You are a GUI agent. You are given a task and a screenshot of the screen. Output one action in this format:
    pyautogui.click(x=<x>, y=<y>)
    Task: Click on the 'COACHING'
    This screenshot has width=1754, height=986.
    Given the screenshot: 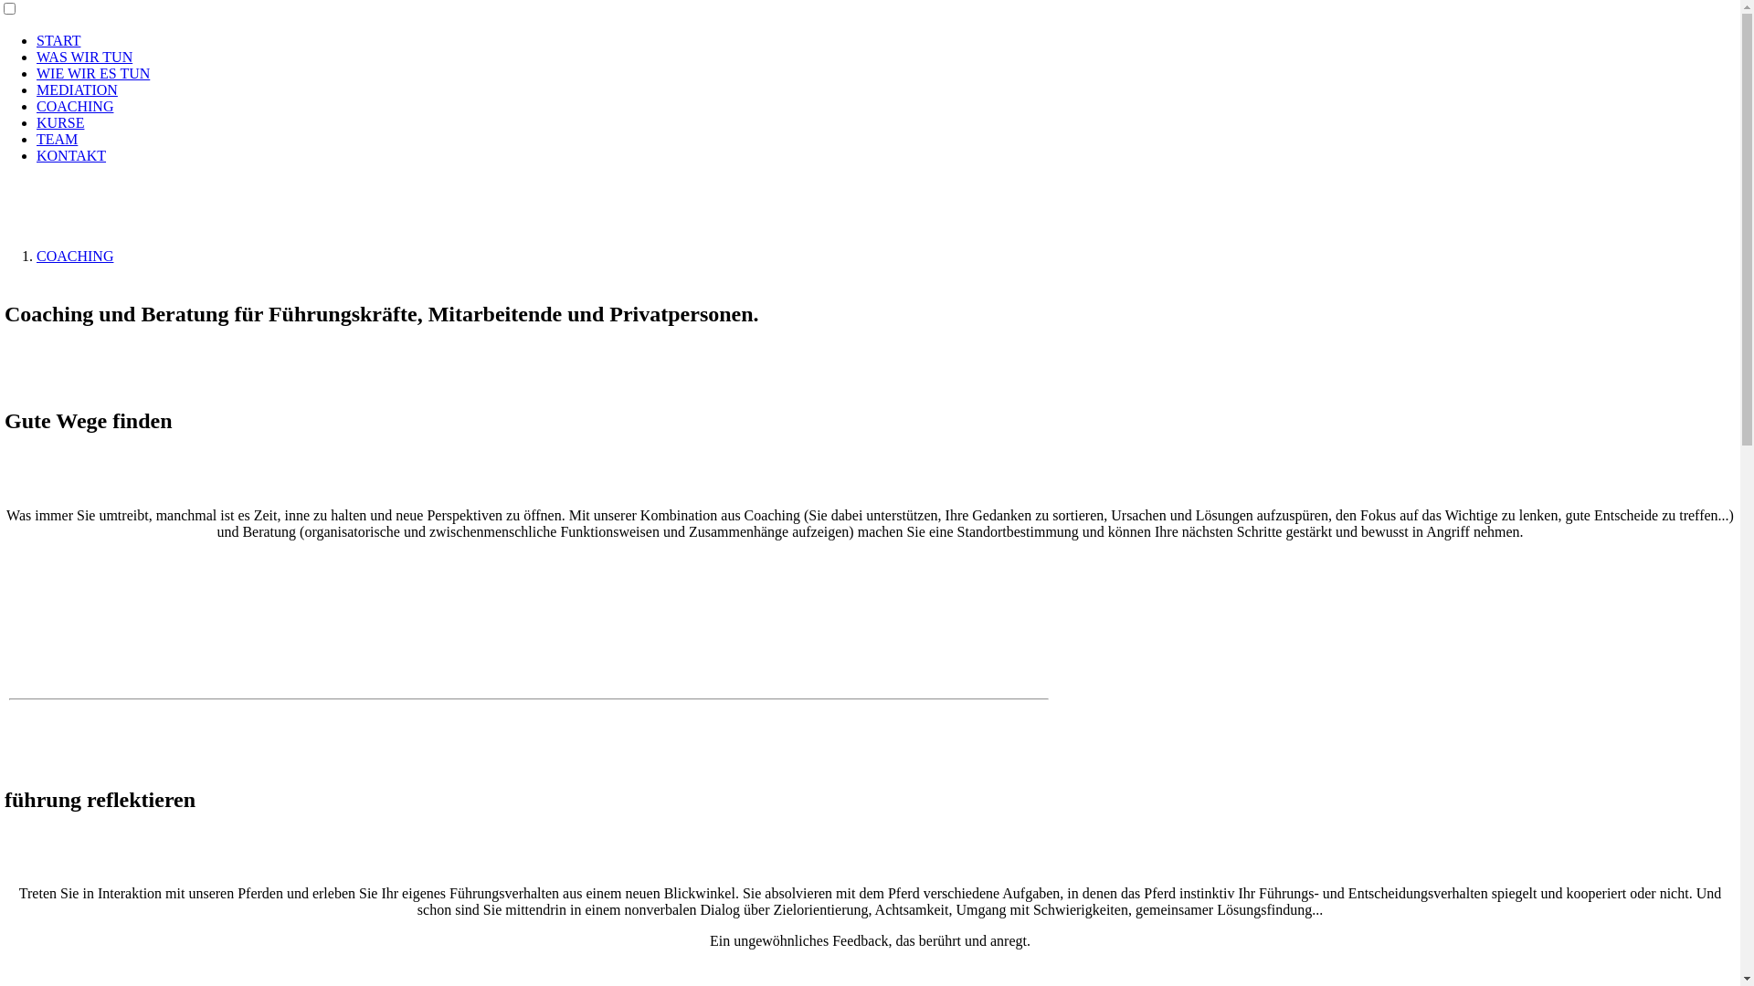 What is the action you would take?
    pyautogui.click(x=36, y=256)
    